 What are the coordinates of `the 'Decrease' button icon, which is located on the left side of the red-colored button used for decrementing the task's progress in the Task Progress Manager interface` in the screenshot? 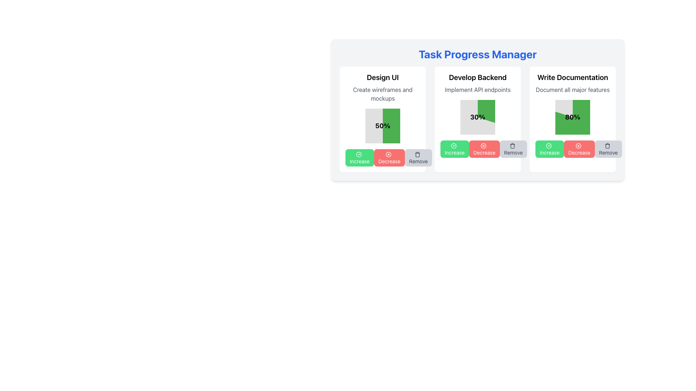 It's located at (388, 154).